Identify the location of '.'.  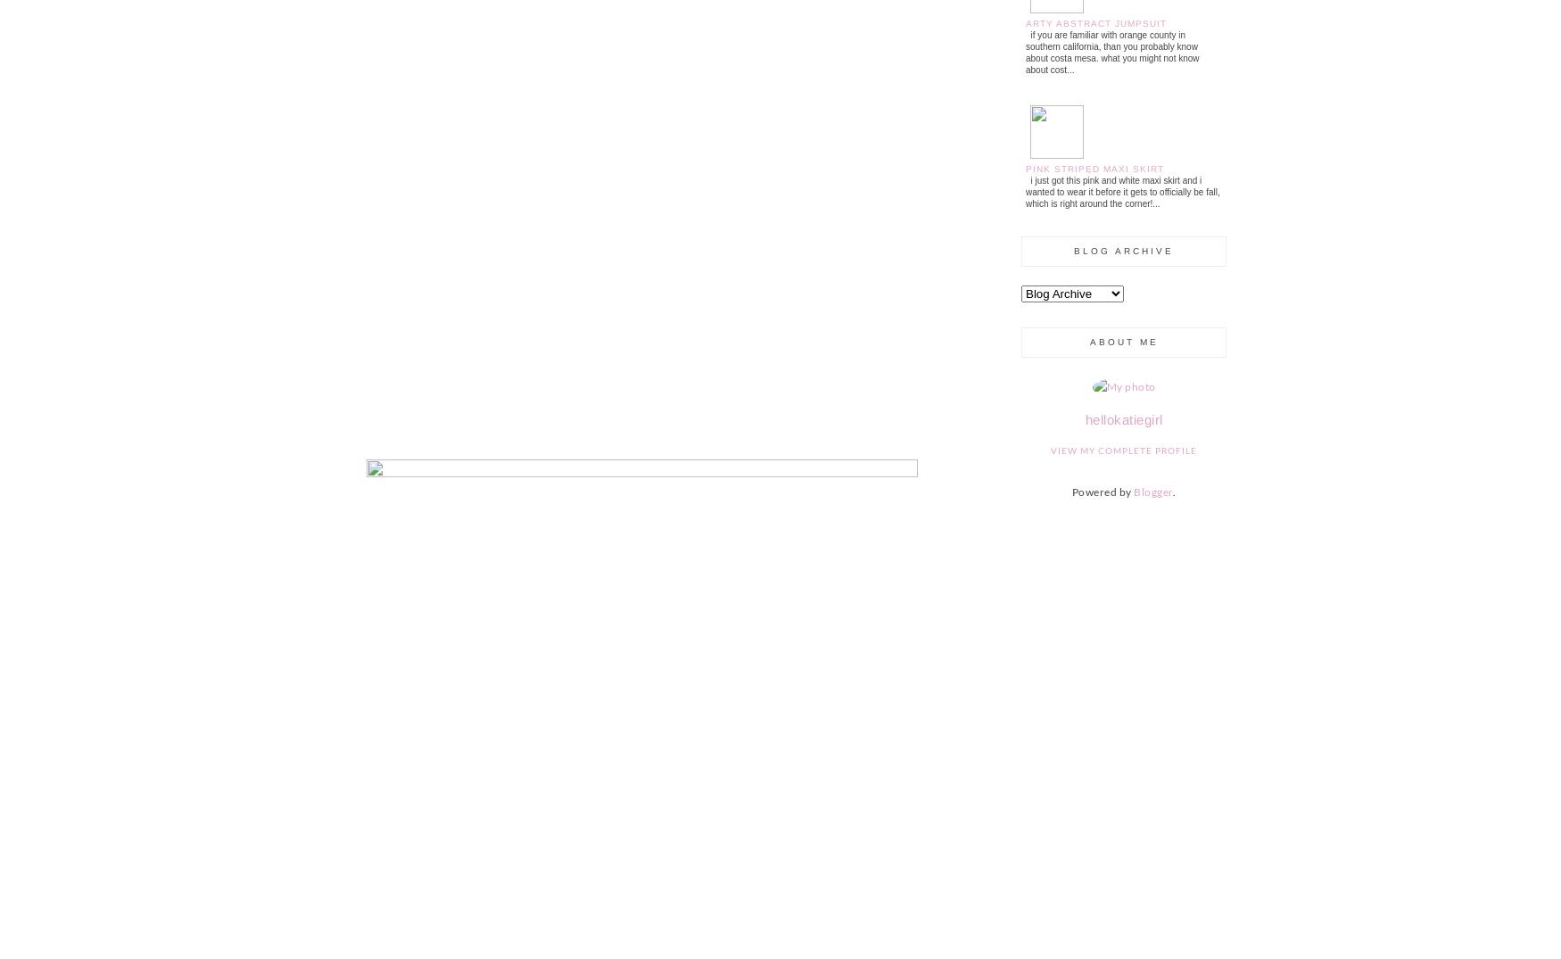
(1174, 492).